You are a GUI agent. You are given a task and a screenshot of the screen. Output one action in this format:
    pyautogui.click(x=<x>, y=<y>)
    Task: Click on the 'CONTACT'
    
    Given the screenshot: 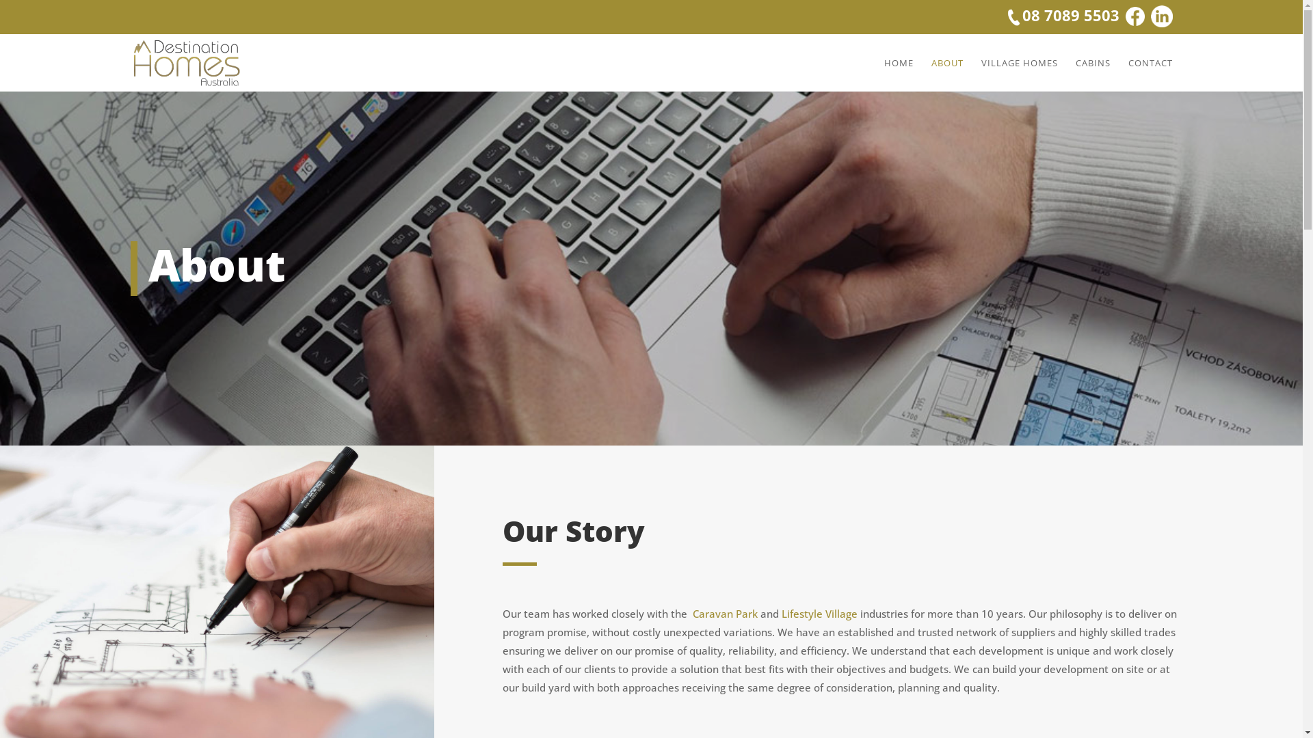 What is the action you would take?
    pyautogui.click(x=1150, y=74)
    